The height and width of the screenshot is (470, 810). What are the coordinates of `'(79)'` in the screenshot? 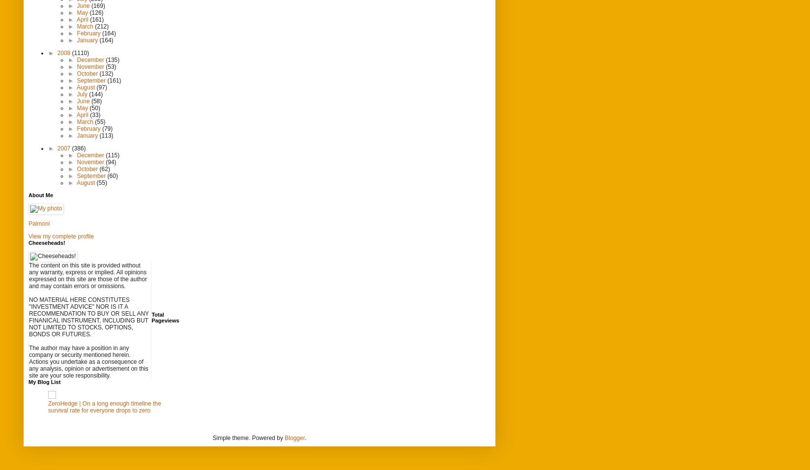 It's located at (107, 127).